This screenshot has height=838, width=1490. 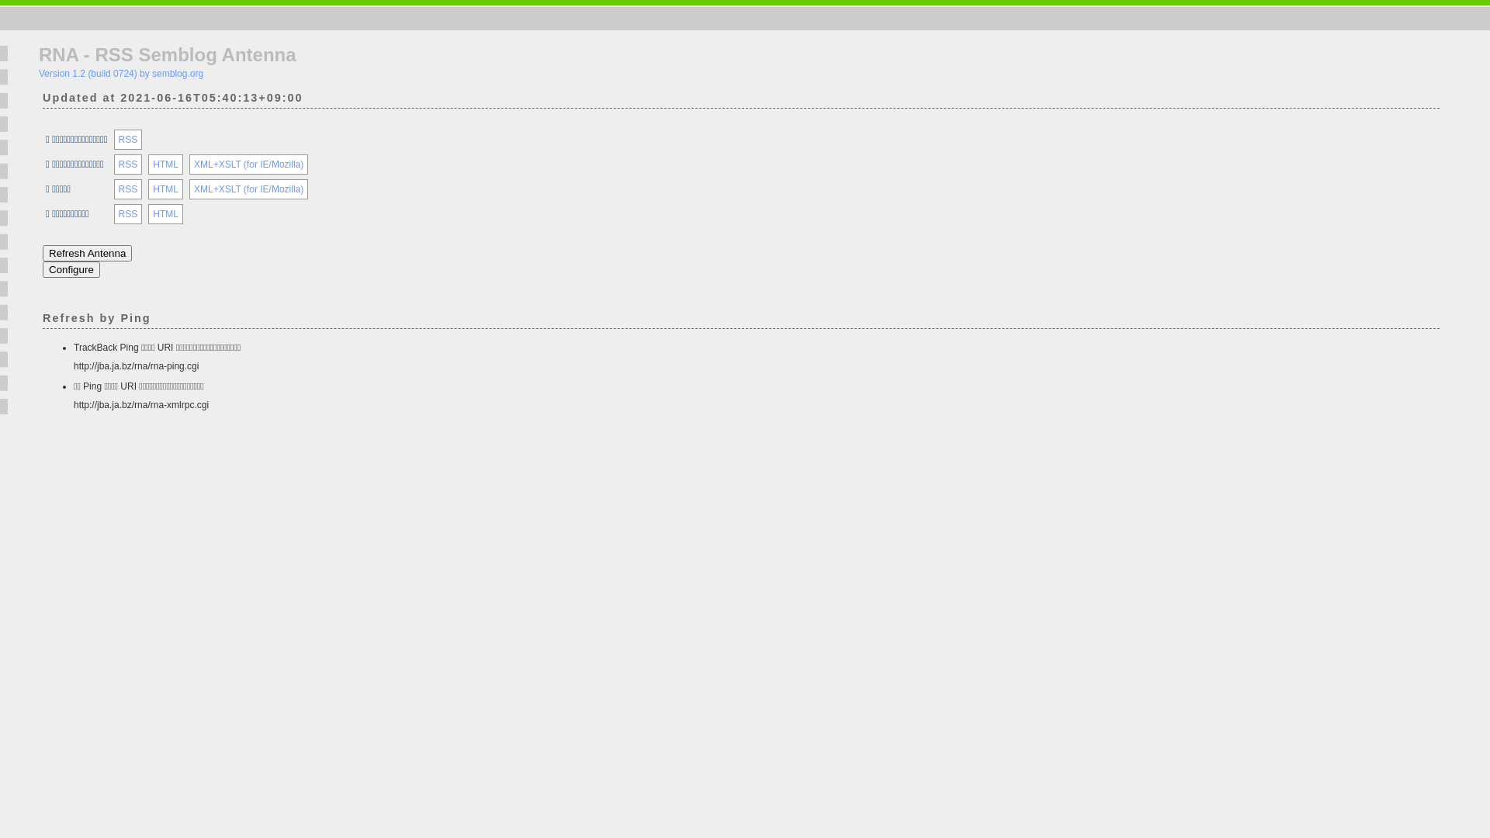 What do you see at coordinates (128, 214) in the screenshot?
I see `'RSS'` at bounding box center [128, 214].